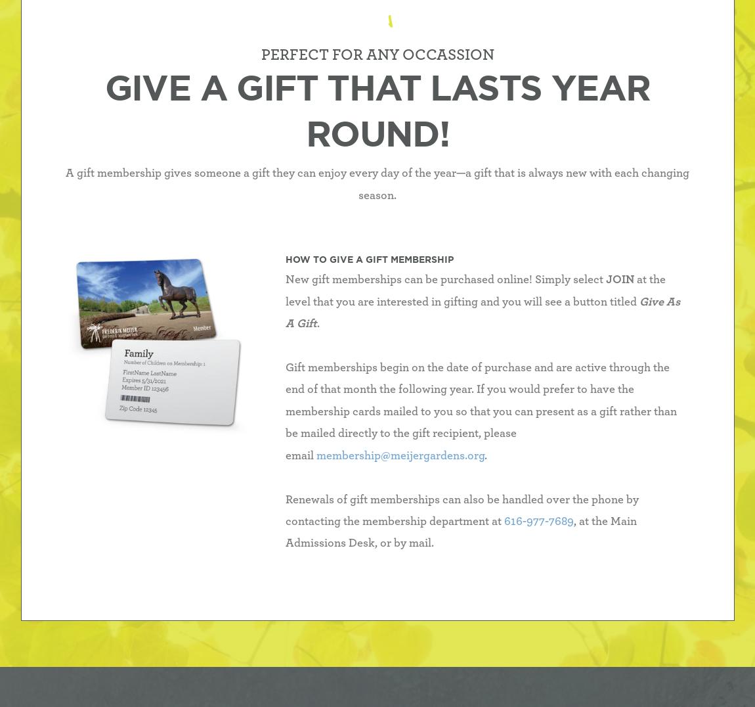  I want to click on '616-977-7689', so click(538, 521).